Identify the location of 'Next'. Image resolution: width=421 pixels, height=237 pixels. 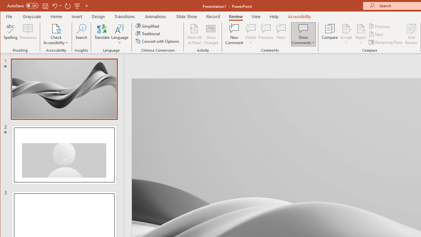
(376, 34).